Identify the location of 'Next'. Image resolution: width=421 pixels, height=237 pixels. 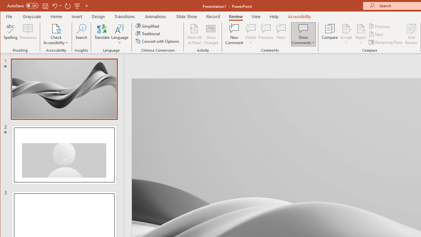
(376, 34).